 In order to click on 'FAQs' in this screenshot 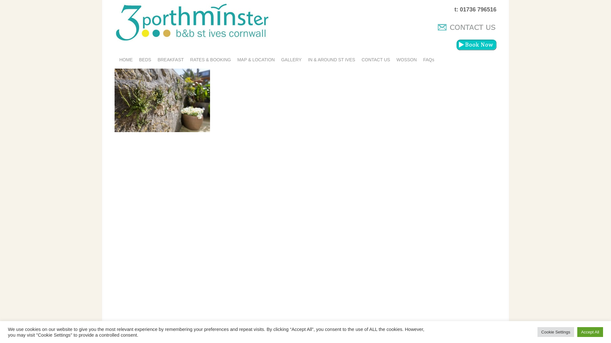, I will do `click(420, 60)`.